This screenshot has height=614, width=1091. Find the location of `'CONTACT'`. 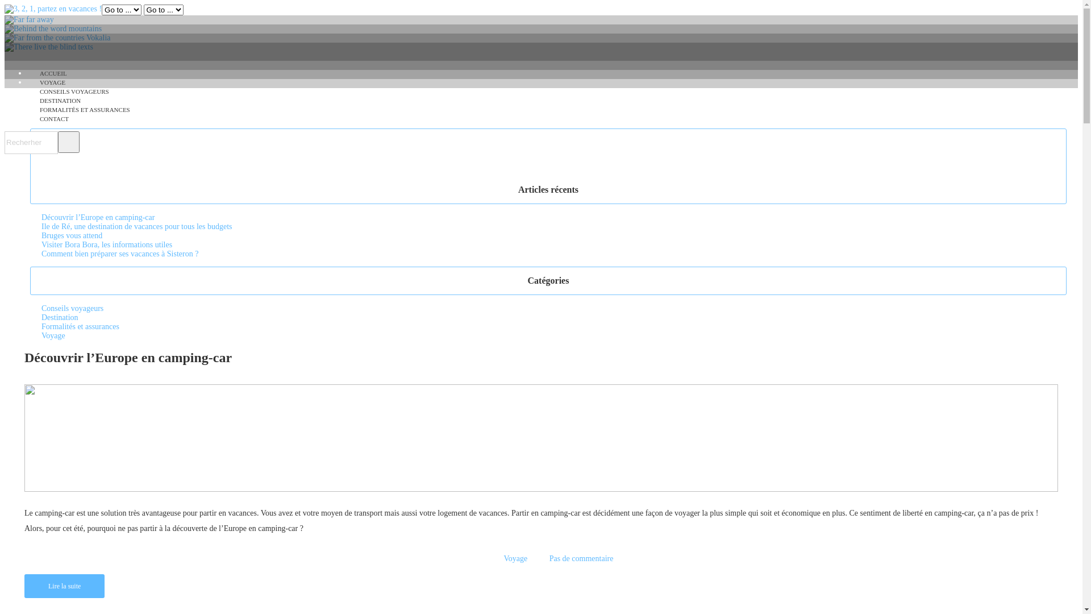

'CONTACT' is located at coordinates (53, 118).